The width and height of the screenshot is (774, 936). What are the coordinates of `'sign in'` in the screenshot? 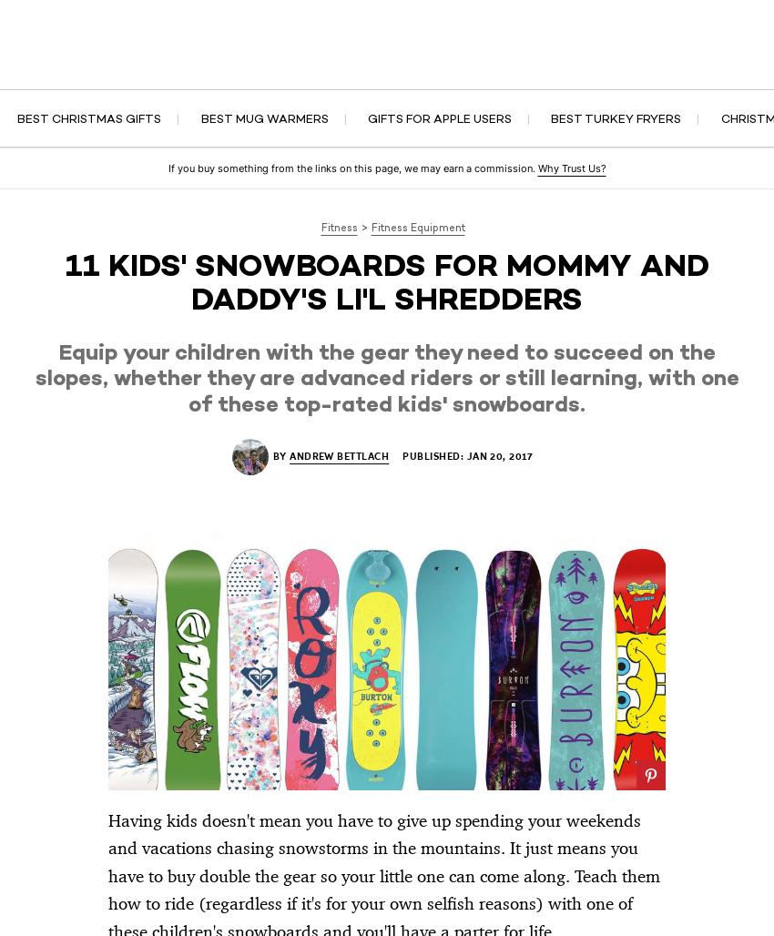 It's located at (714, 21).